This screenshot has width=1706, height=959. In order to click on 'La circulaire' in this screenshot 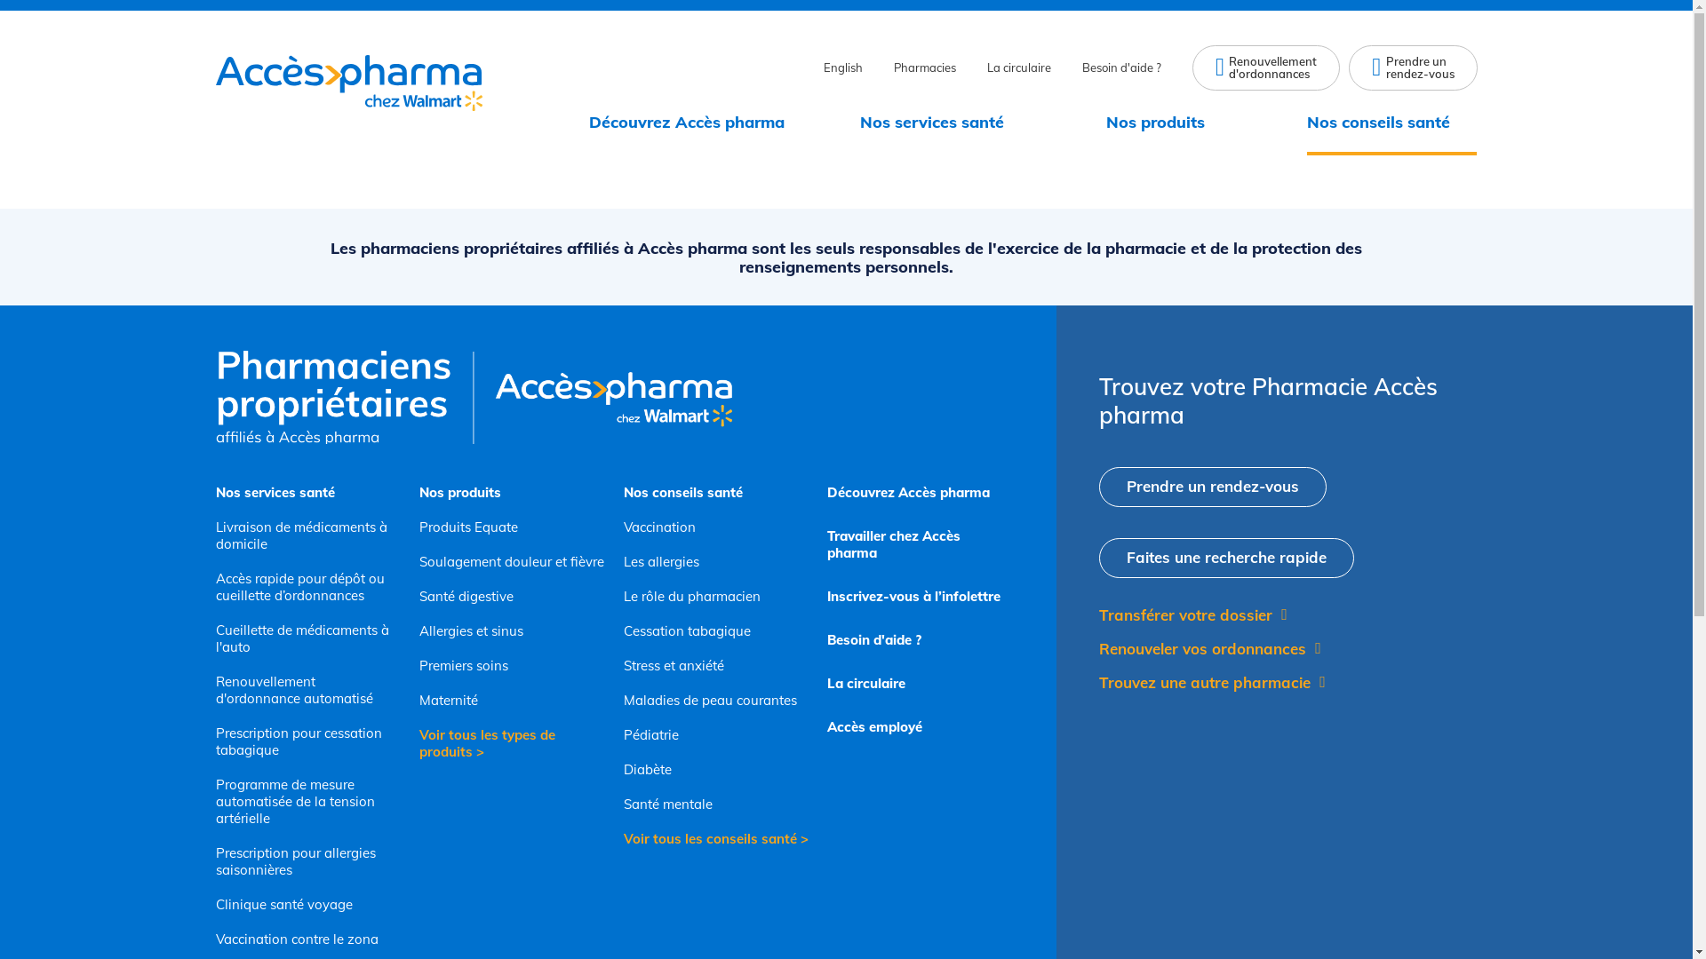, I will do `click(826, 682)`.